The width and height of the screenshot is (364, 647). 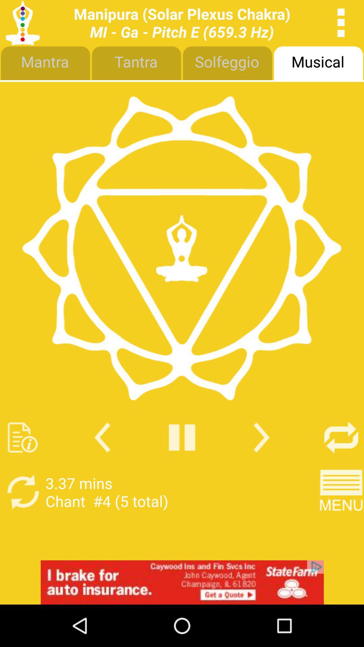 What do you see at coordinates (341, 23) in the screenshot?
I see `open options` at bounding box center [341, 23].